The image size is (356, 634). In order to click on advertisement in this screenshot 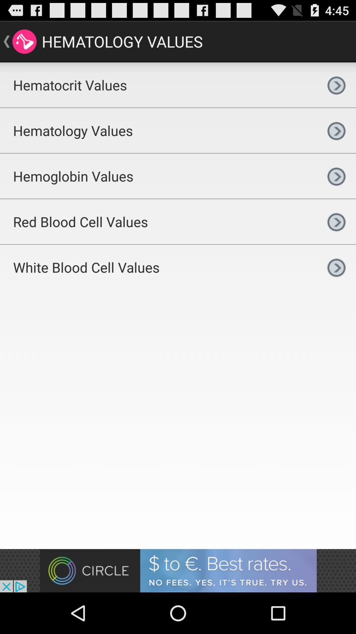, I will do `click(178, 570)`.